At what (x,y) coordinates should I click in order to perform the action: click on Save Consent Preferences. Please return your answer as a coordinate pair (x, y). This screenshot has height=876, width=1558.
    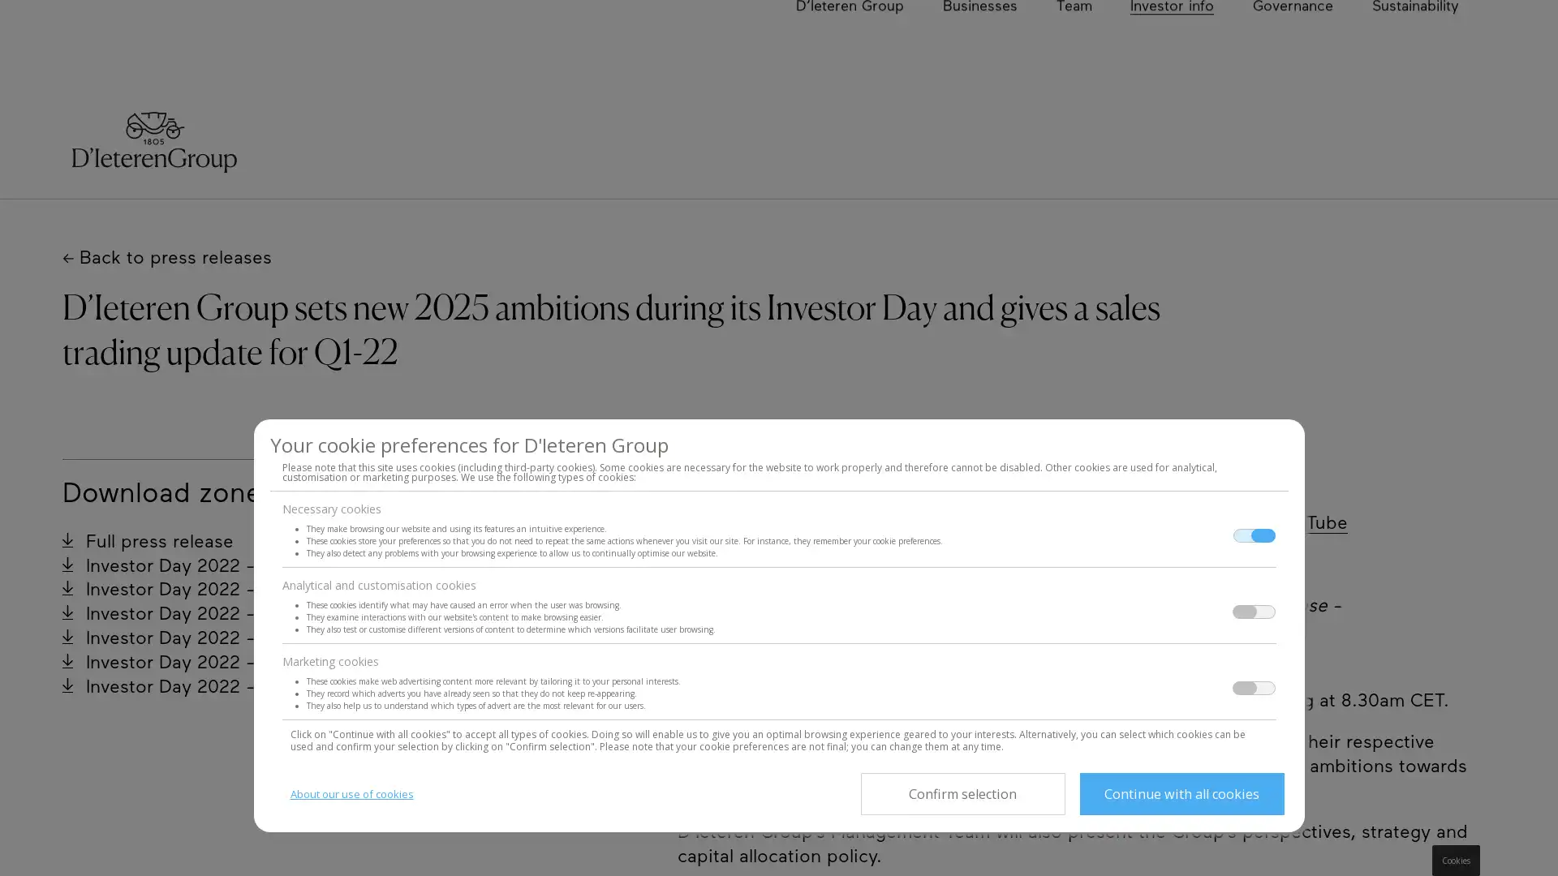
    Looking at the image, I should click on (962, 793).